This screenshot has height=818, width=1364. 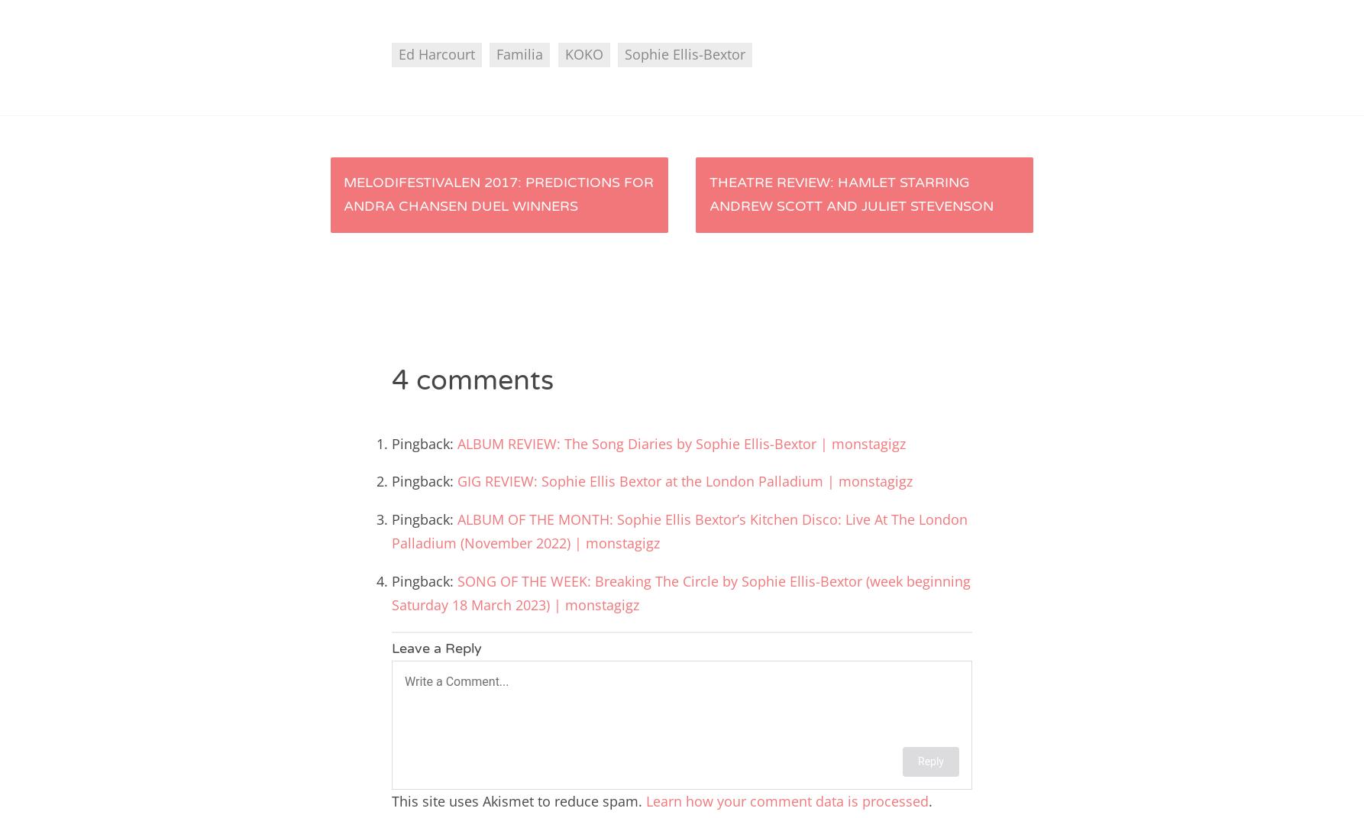 What do you see at coordinates (680, 592) in the screenshot?
I see `'SONG OF THE WEEK: Breaking The Circle by Sophie Ellis-Bextor (week beginning Saturday 18 March 2023) | monstagigz'` at bounding box center [680, 592].